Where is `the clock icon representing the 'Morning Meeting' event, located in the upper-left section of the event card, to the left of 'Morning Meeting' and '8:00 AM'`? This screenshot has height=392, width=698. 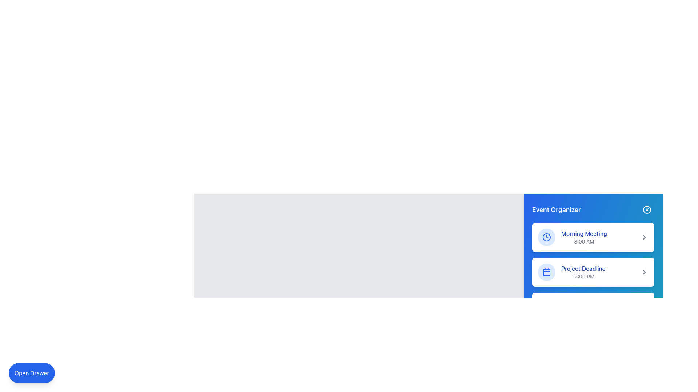
the clock icon representing the 'Morning Meeting' event, located in the upper-left section of the event card, to the left of 'Morning Meeting' and '8:00 AM' is located at coordinates (546, 237).